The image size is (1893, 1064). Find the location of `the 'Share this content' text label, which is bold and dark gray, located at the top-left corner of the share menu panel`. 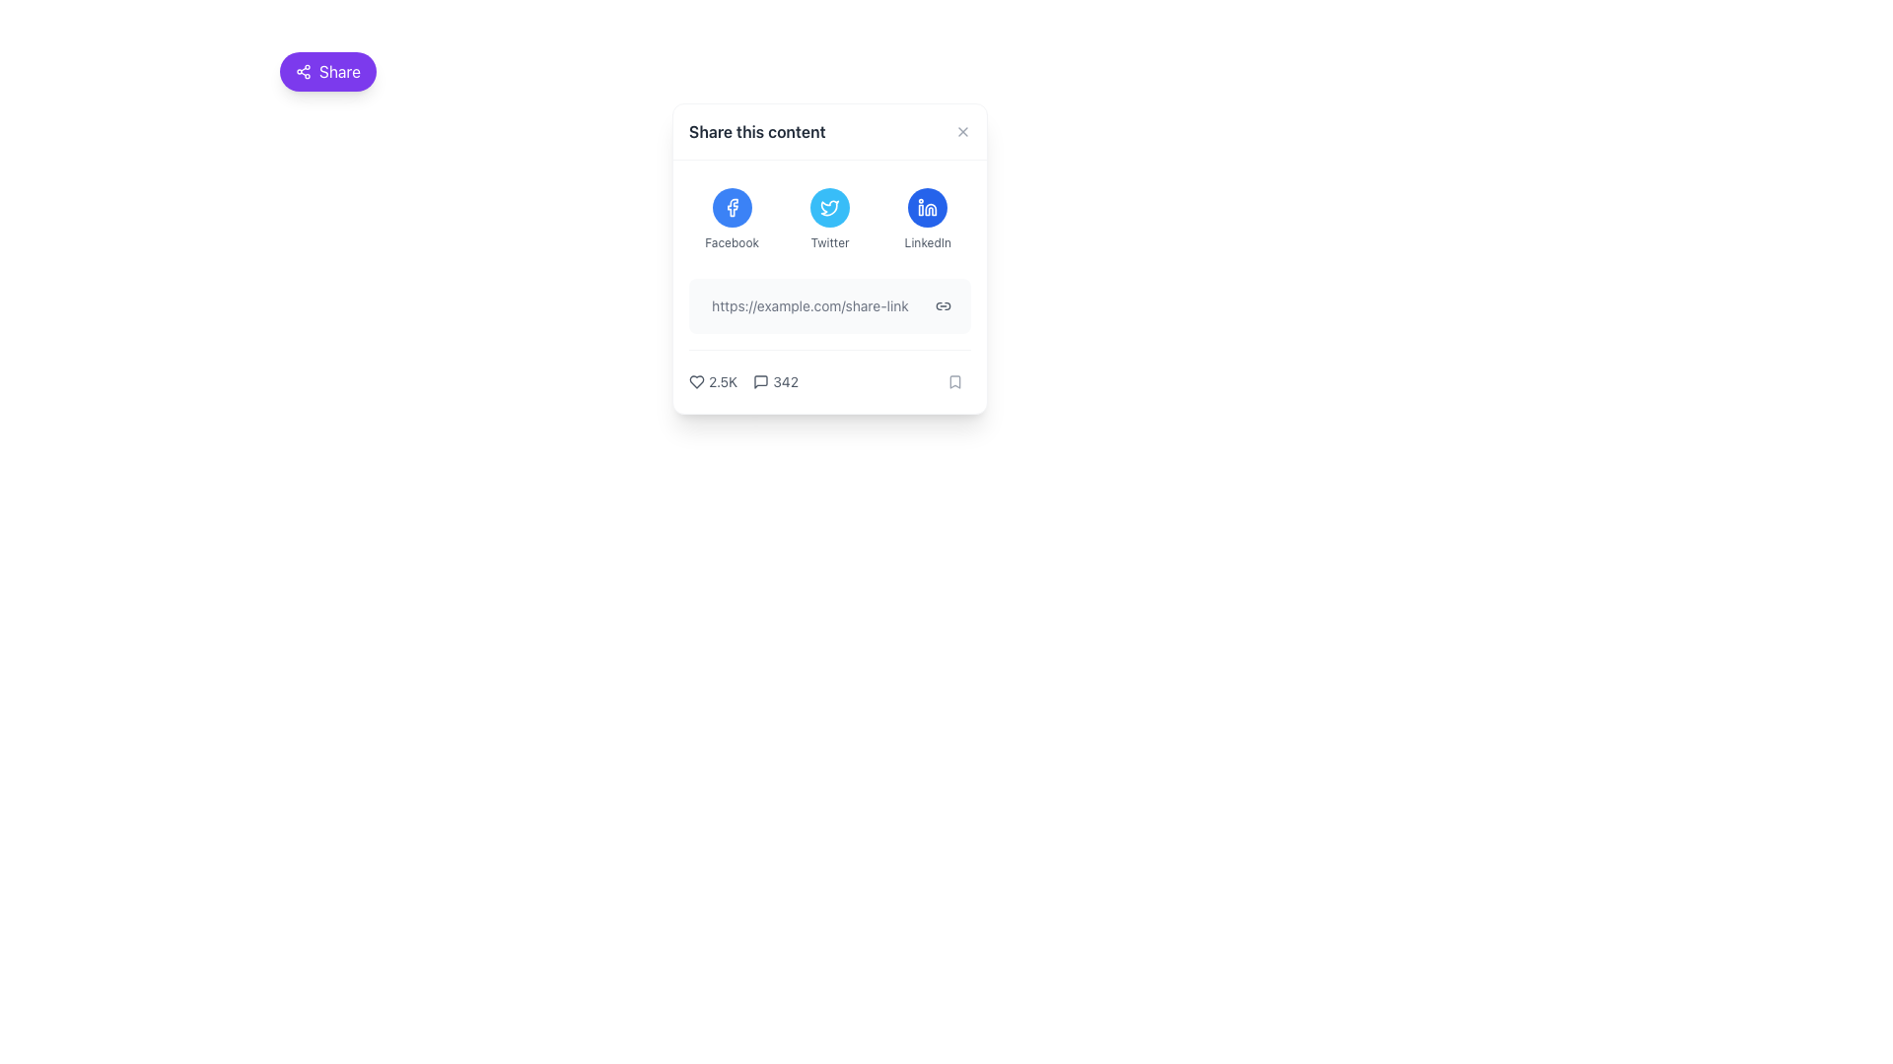

the 'Share this content' text label, which is bold and dark gray, located at the top-left corner of the share menu panel is located at coordinates (756, 132).